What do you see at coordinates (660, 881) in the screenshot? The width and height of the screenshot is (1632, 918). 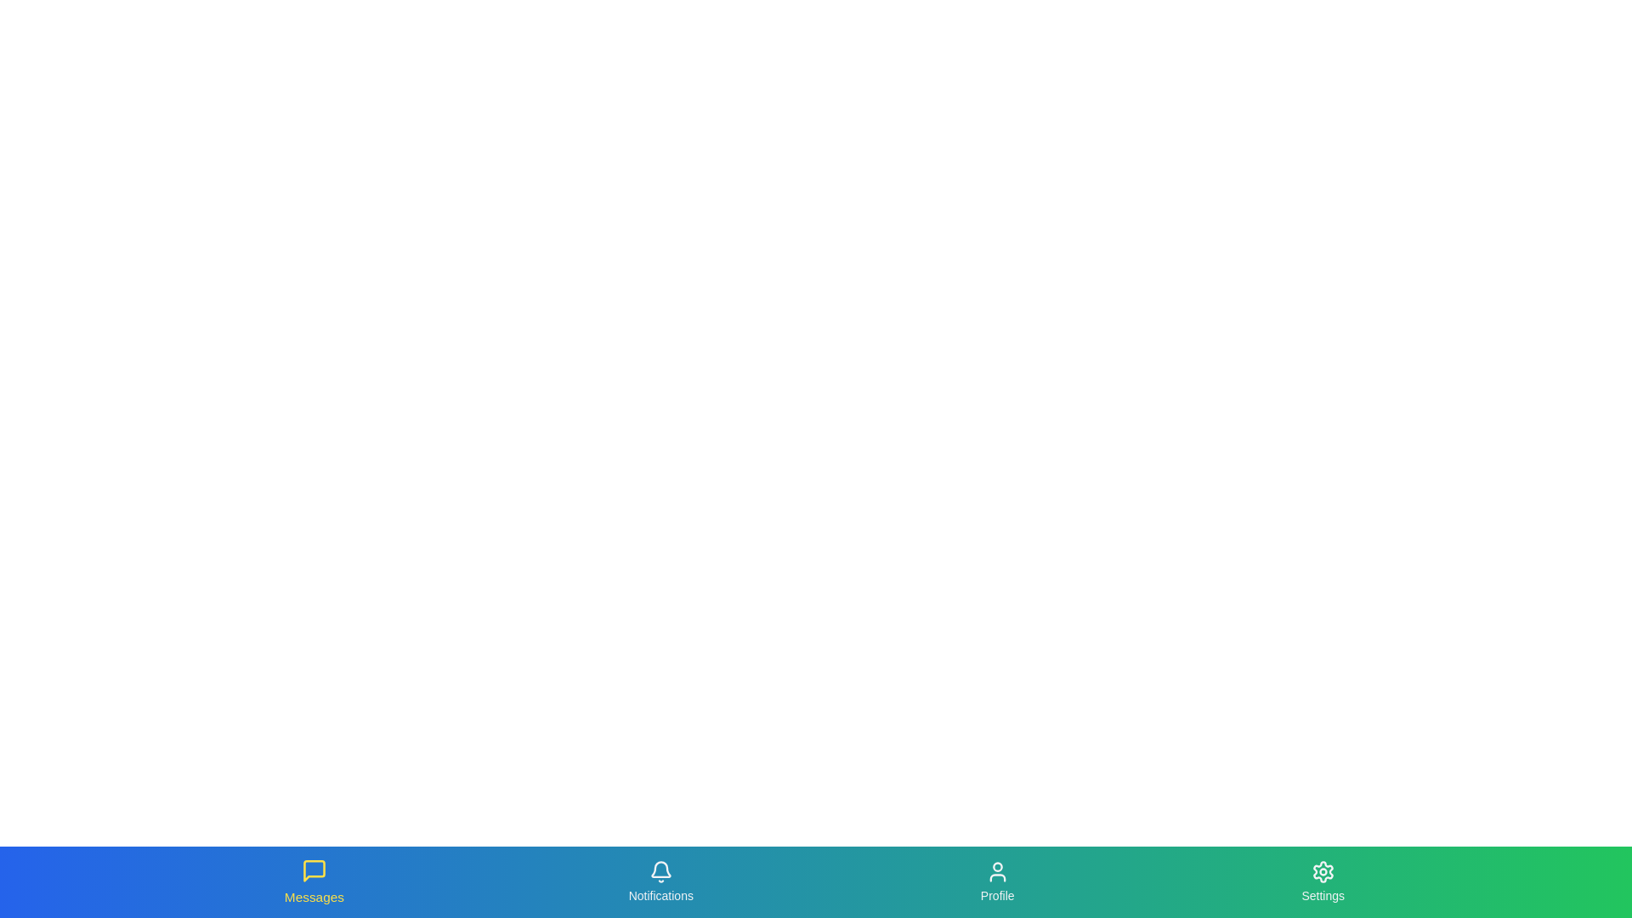 I see `the tab labeled Notifications to navigate to its respective section` at bounding box center [660, 881].